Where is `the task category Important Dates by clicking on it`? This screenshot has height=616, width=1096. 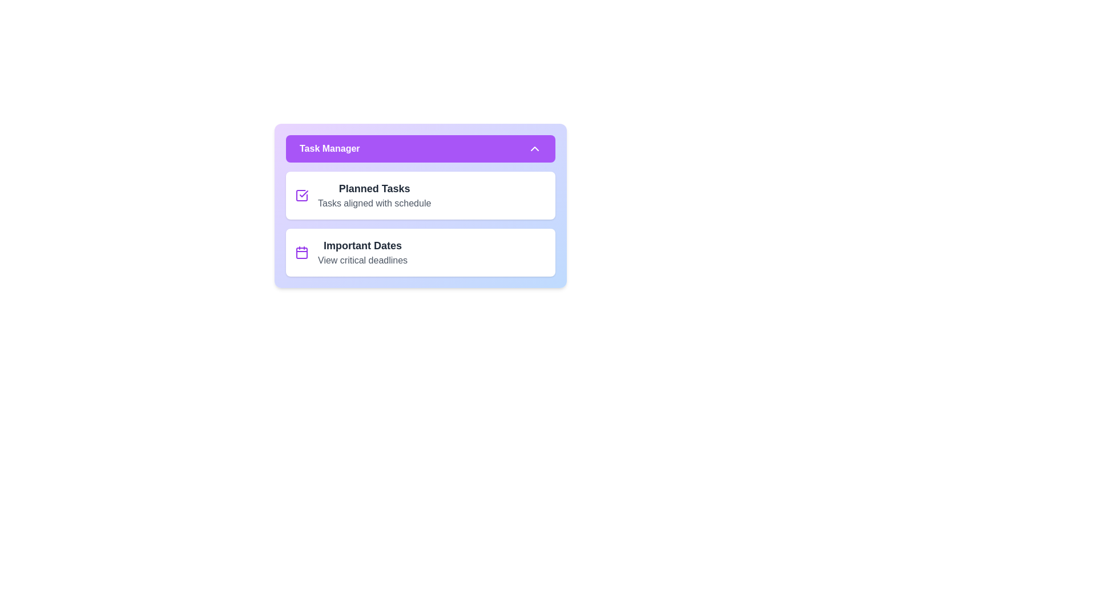 the task category Important Dates by clicking on it is located at coordinates (420, 252).